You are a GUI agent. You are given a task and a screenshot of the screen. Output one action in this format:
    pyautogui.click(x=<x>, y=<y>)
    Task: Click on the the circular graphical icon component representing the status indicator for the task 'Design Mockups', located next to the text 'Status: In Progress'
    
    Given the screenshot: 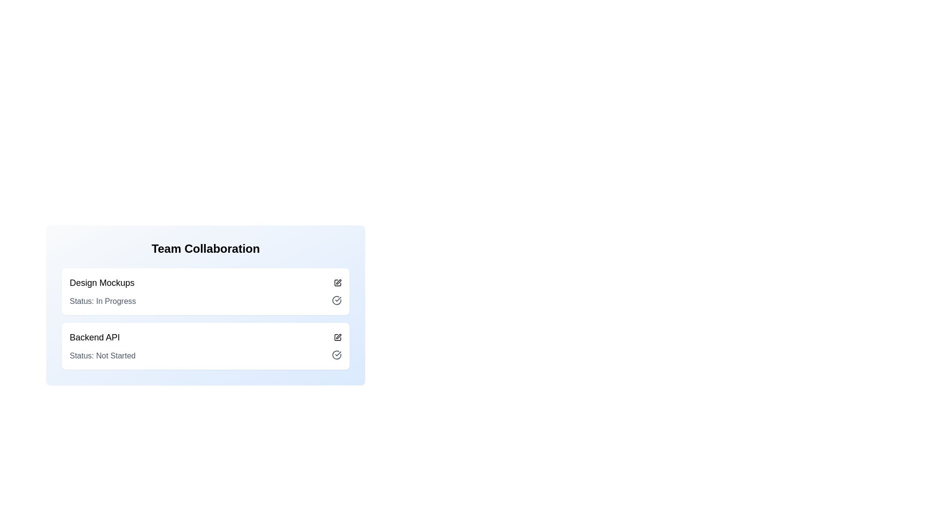 What is the action you would take?
    pyautogui.click(x=337, y=300)
    